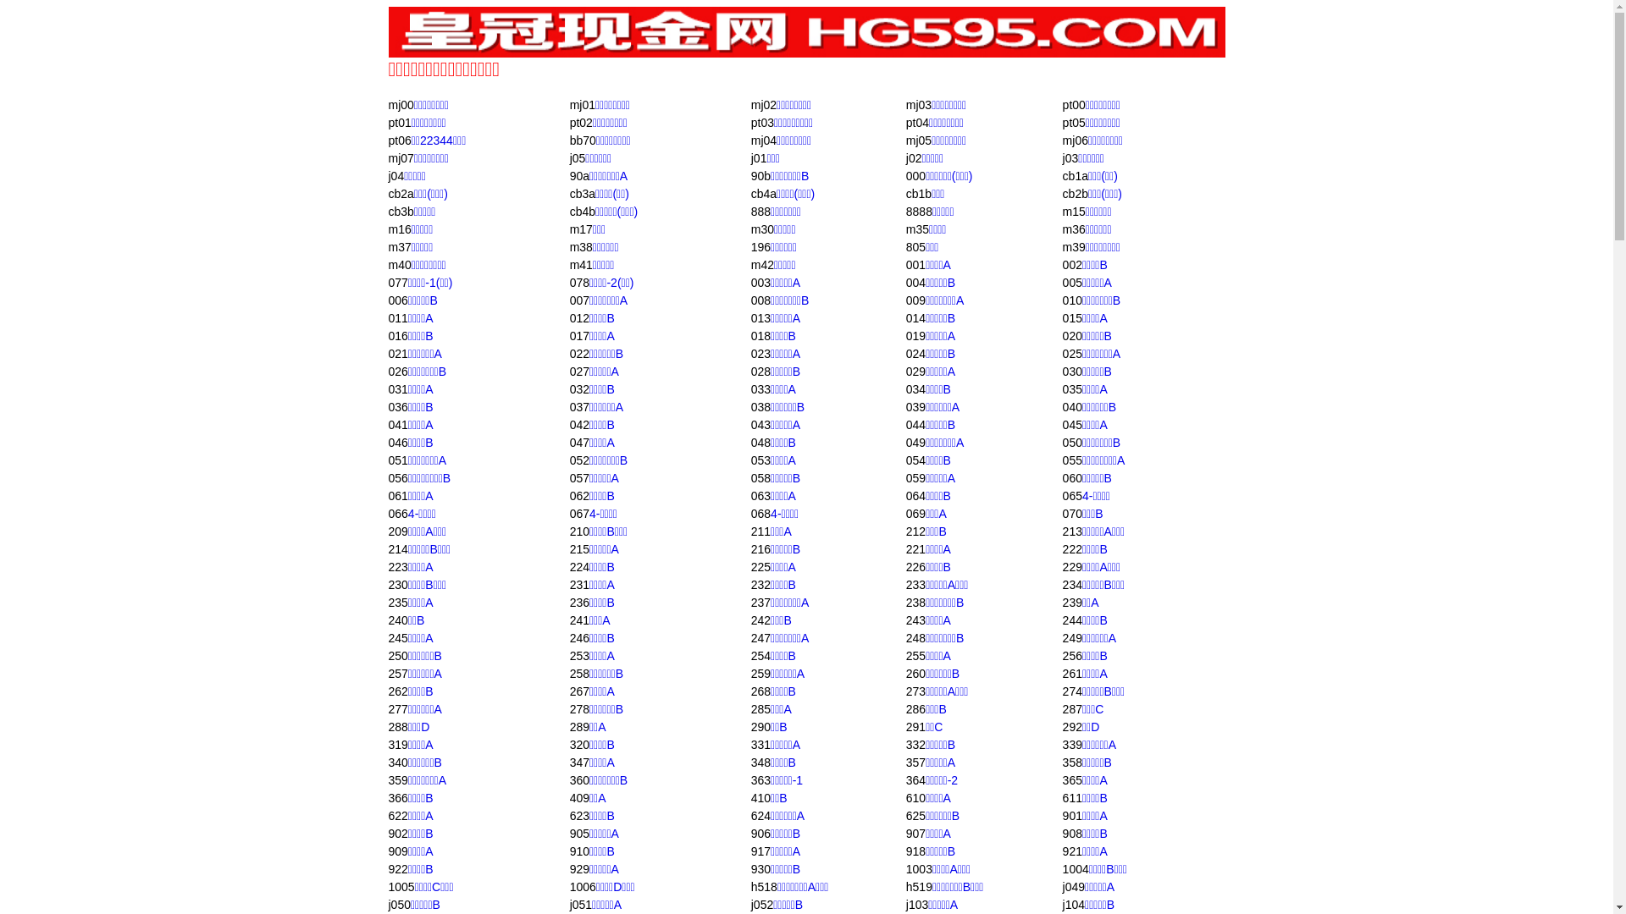 The image size is (1626, 914). Describe the element at coordinates (1071, 743) in the screenshot. I see `'339'` at that location.